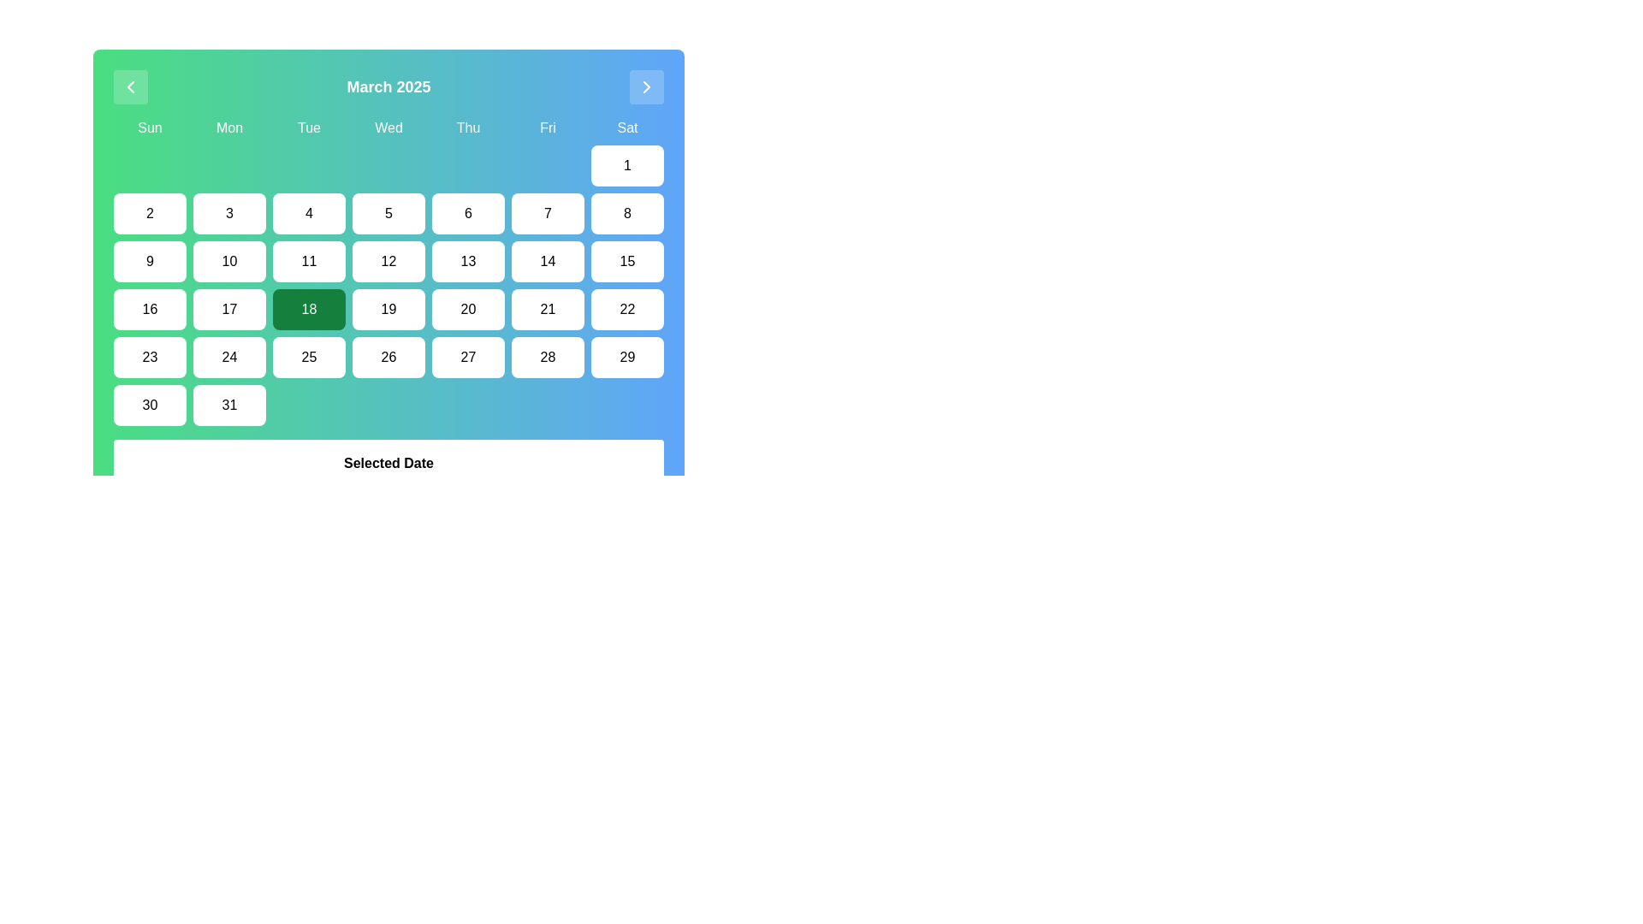  I want to click on the 'Sun' label, which is the first item in the grid header row on a green background, displaying the word 'Sun', so click(150, 127).